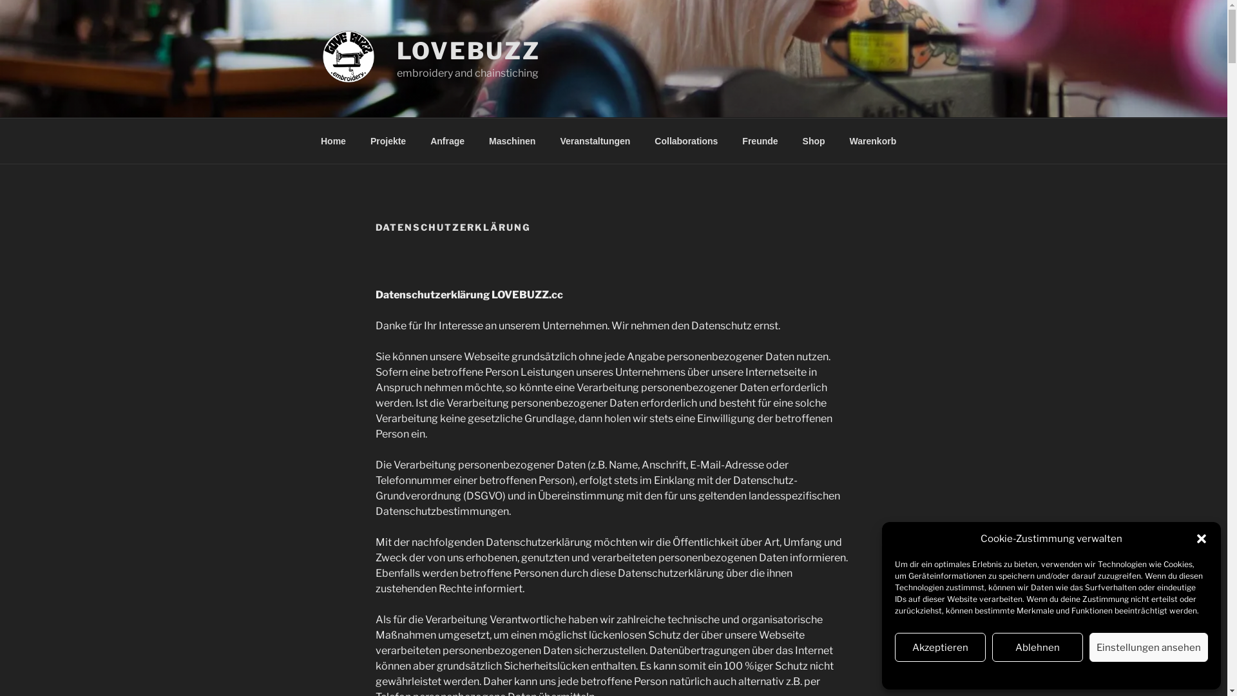  I want to click on 'Anfrage', so click(448, 140).